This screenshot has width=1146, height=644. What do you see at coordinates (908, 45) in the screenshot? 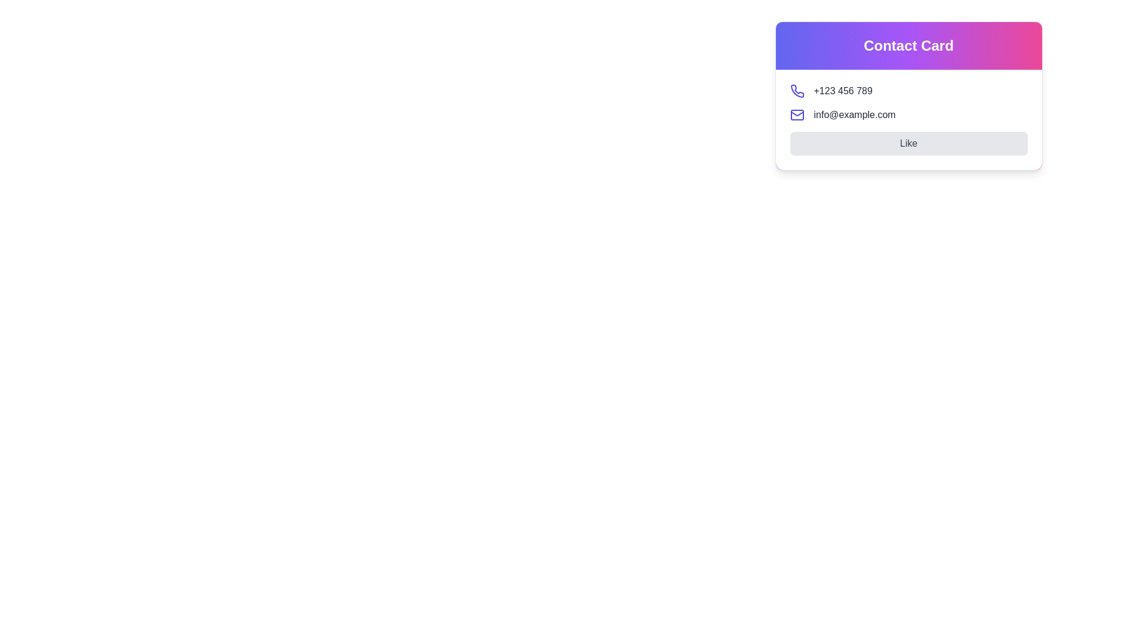
I see `the Static Text element that serves as the title for the 'Contact Card' component, located at the top of the component` at bounding box center [908, 45].